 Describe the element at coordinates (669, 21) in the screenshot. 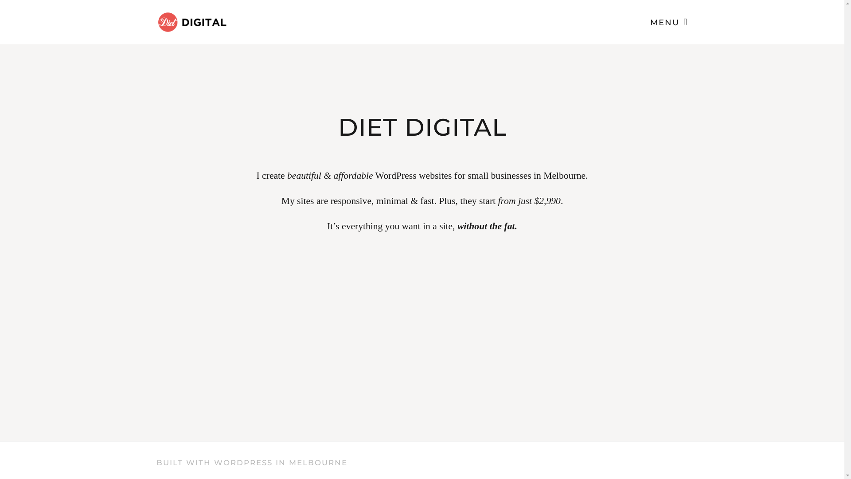

I see `'MENU'` at that location.